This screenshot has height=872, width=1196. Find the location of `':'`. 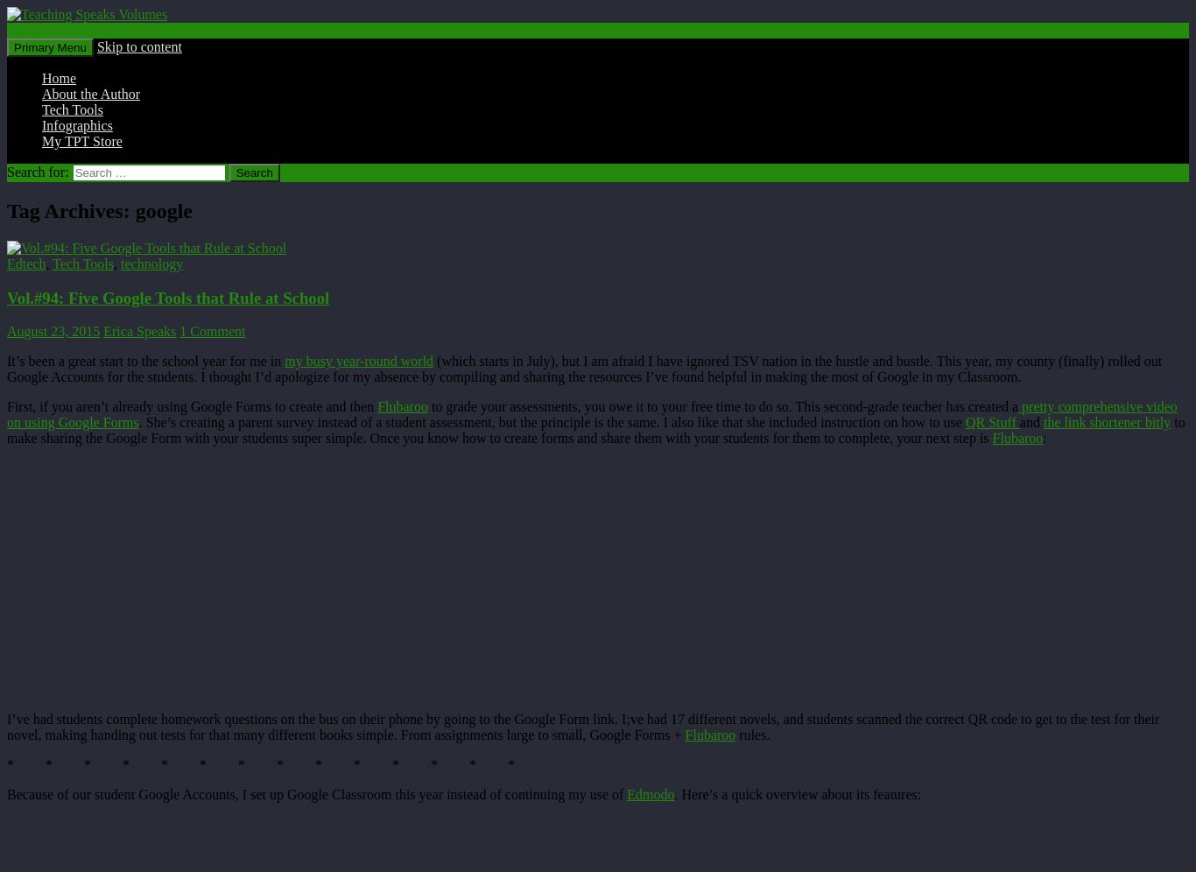

':' is located at coordinates (1045, 438).